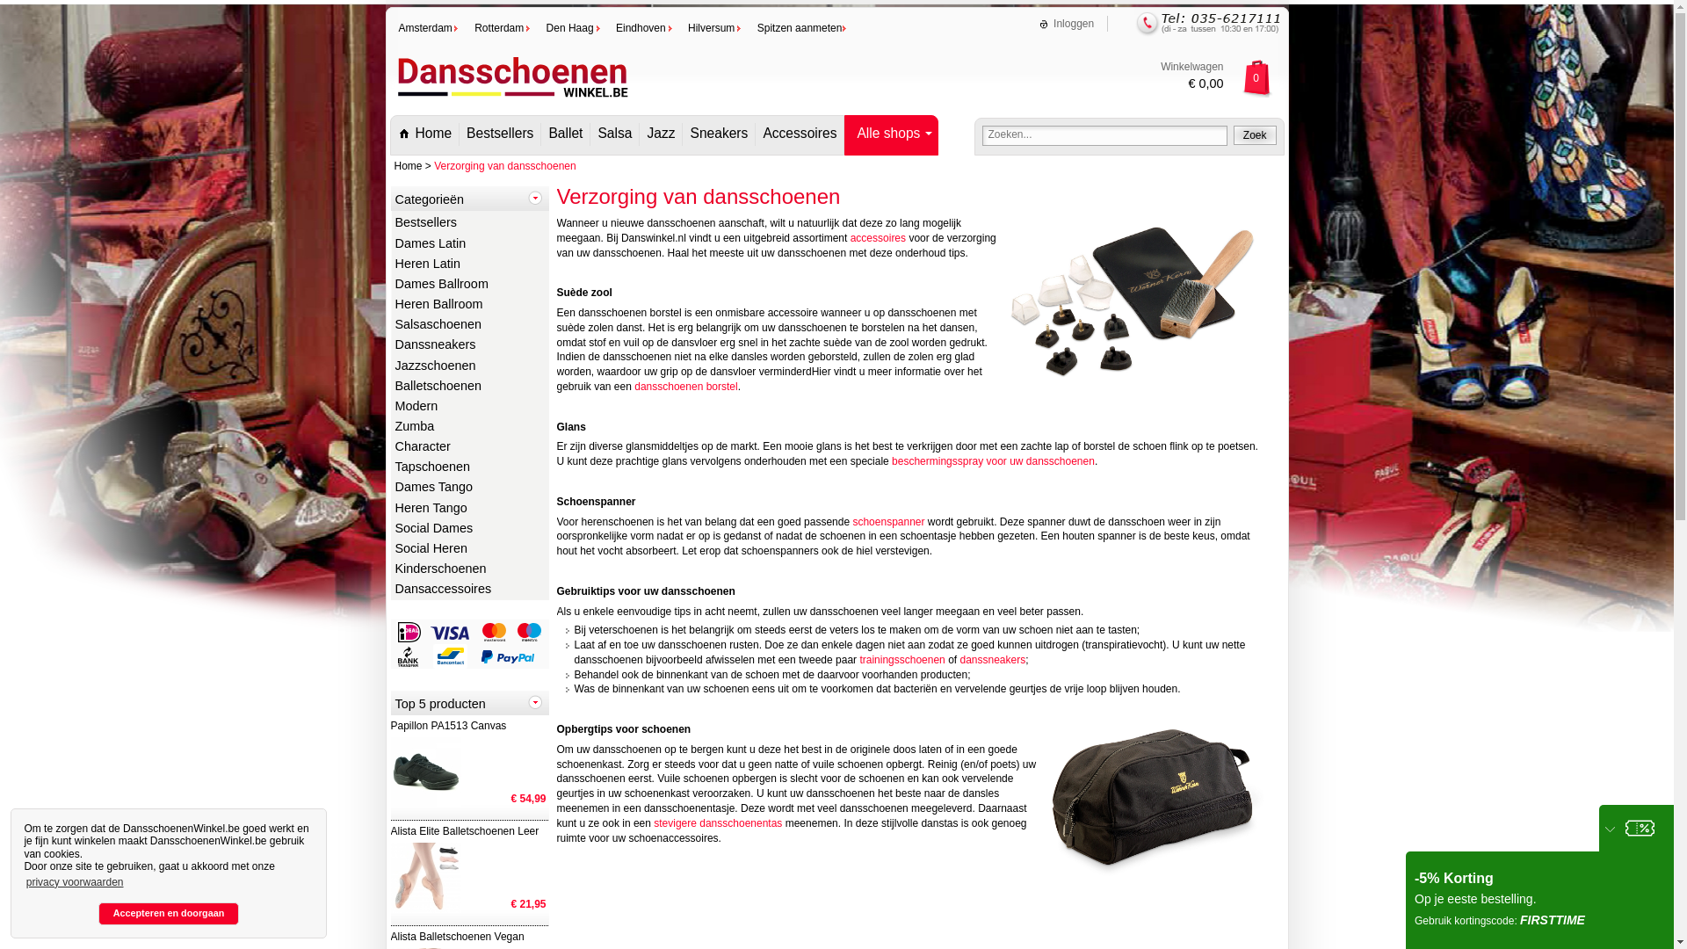  Describe the element at coordinates (502, 27) in the screenshot. I see `'Rotterdam'` at that location.